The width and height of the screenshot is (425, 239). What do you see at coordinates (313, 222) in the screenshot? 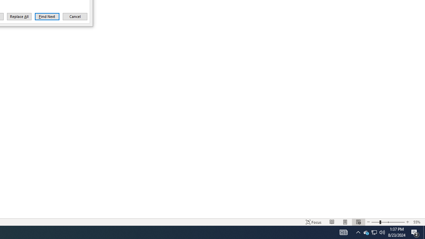
I see `'Focus '` at bounding box center [313, 222].